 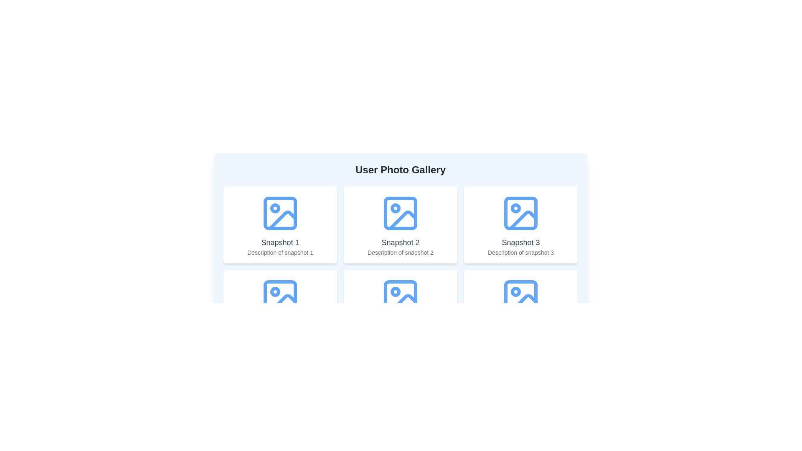 I want to click on the decorative graphical element of the icon representing the first snapshot in the photo gallery located in the center-right region, so click(x=282, y=220).